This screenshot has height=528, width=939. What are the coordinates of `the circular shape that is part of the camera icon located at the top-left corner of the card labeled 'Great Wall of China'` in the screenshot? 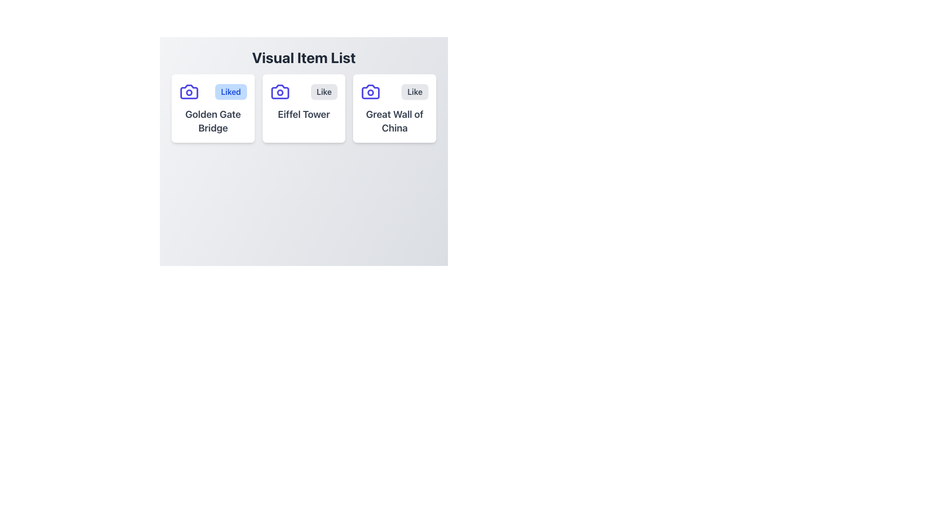 It's located at (370, 92).